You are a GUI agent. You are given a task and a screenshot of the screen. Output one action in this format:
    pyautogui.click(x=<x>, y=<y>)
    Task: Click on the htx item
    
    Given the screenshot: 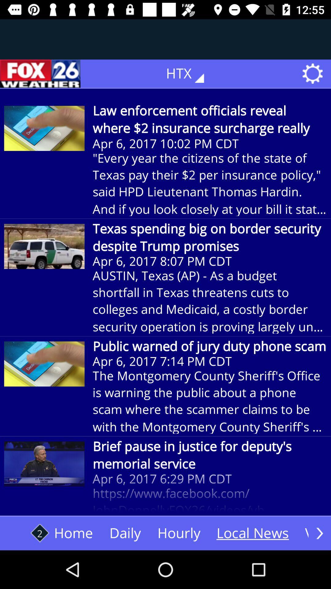 What is the action you would take?
    pyautogui.click(x=189, y=74)
    